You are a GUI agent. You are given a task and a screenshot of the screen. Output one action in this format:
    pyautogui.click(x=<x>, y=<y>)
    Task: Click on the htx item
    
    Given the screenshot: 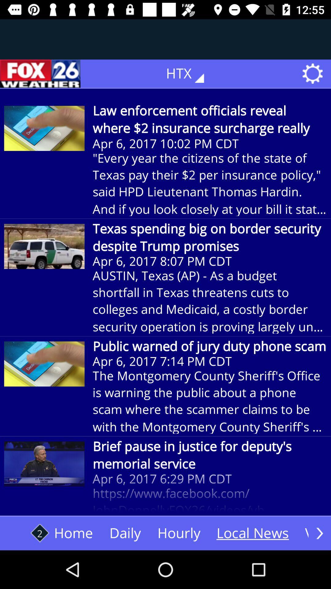 What is the action you would take?
    pyautogui.click(x=189, y=74)
    